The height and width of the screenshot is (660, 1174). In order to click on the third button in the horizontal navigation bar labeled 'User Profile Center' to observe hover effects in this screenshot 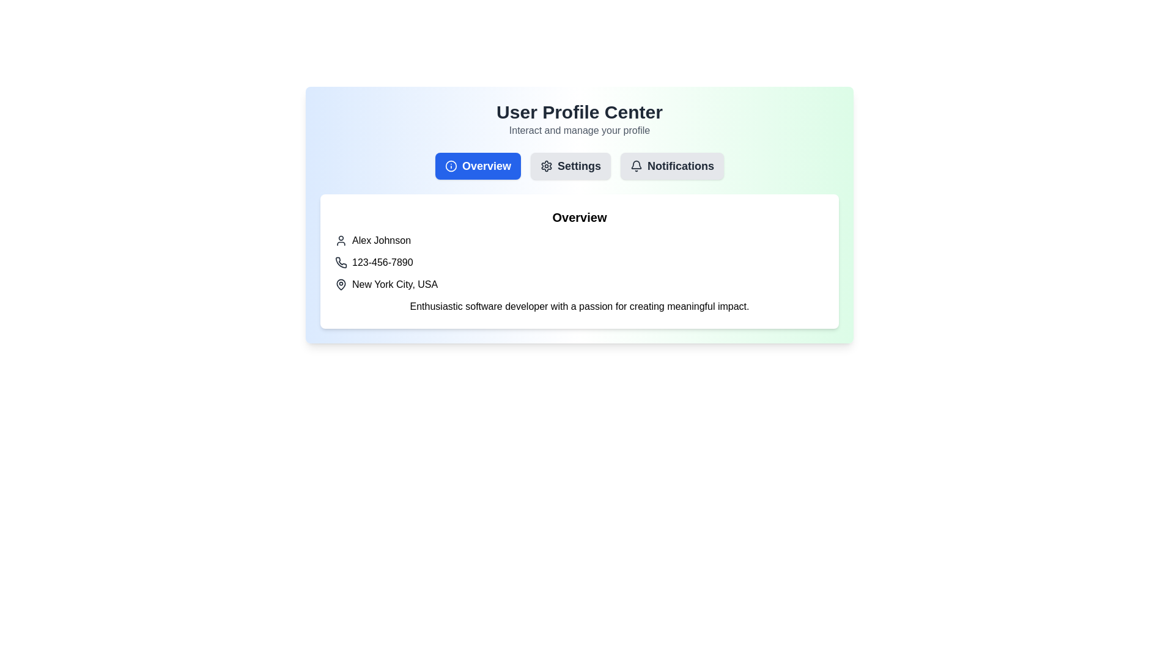, I will do `click(671, 166)`.